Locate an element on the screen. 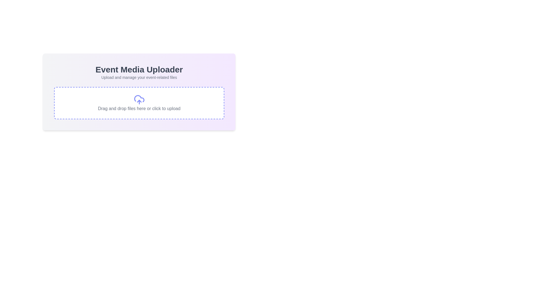 This screenshot has height=301, width=535. the main heading 'Event Media Uploader' which indicates the functionality of this section is located at coordinates (139, 69).